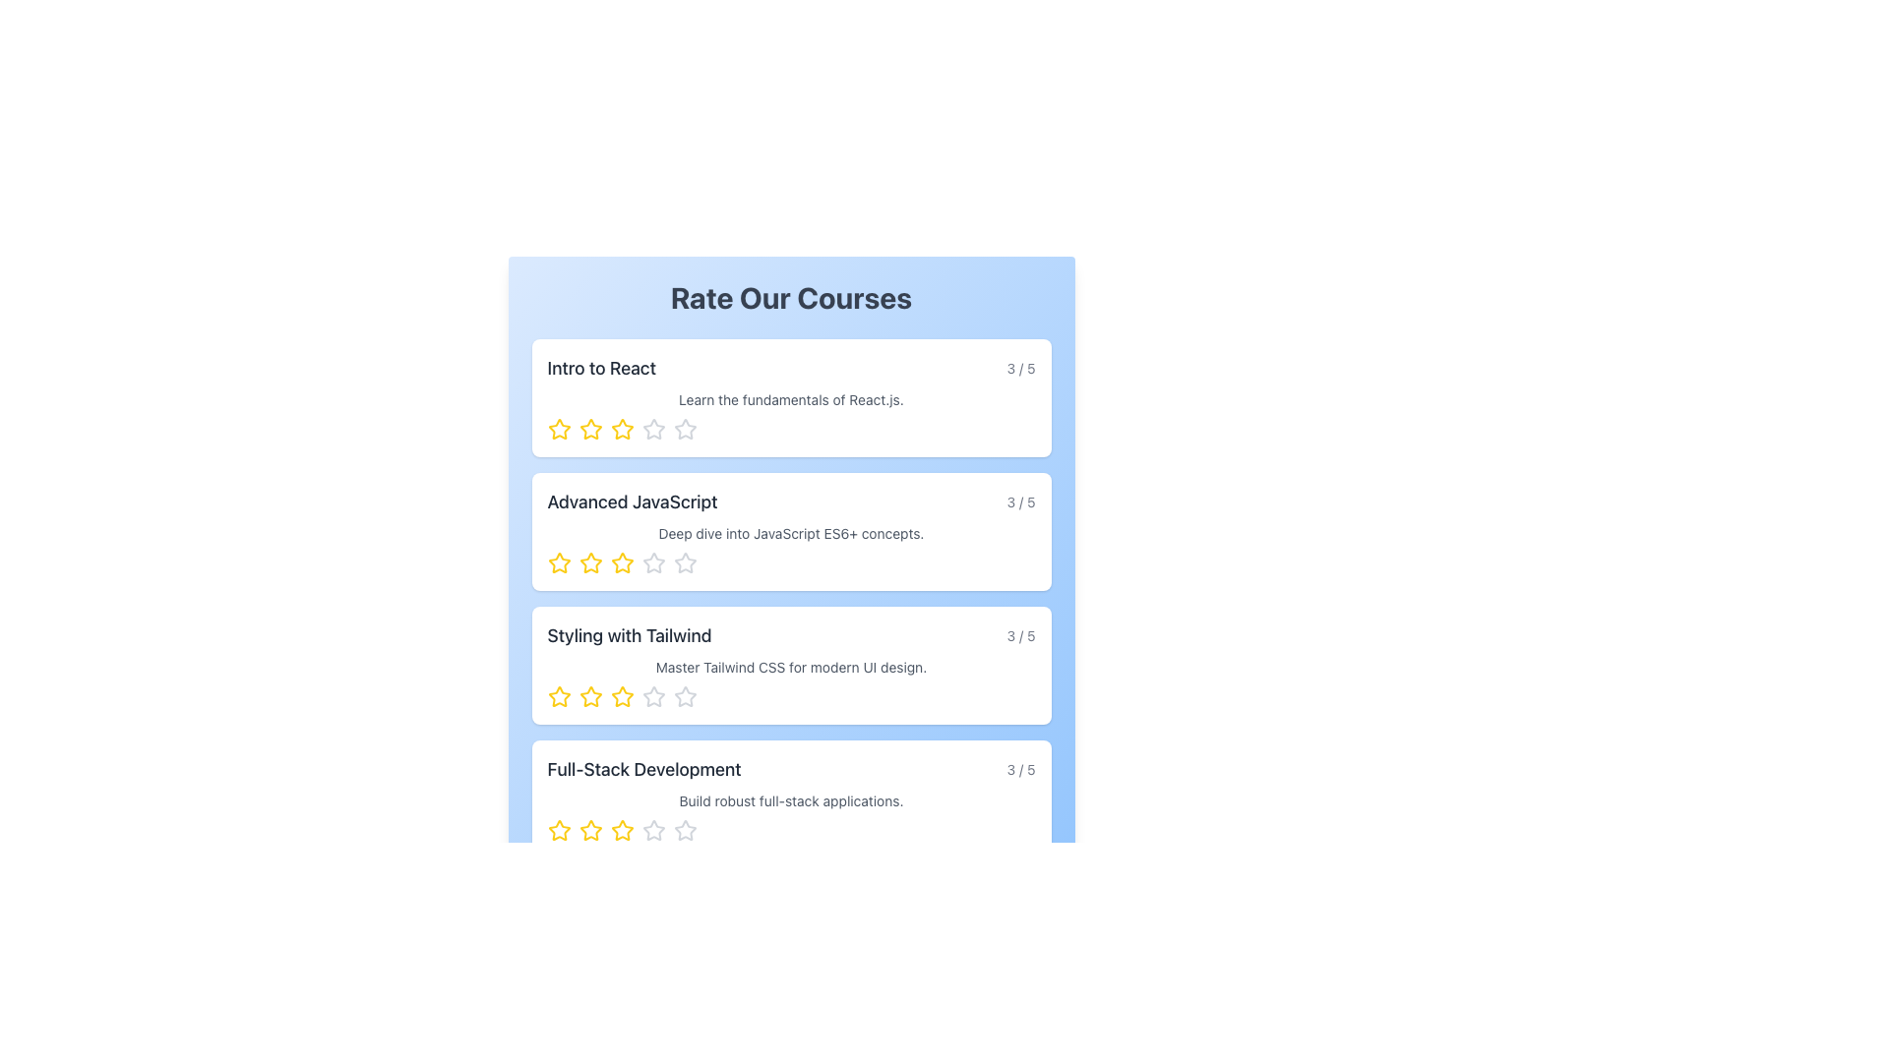  What do you see at coordinates (791, 666) in the screenshot?
I see `text label 'Master Tailwind CSS for modern UI design.' located beneath the title 'Styling with Tailwind' in the course information card` at bounding box center [791, 666].